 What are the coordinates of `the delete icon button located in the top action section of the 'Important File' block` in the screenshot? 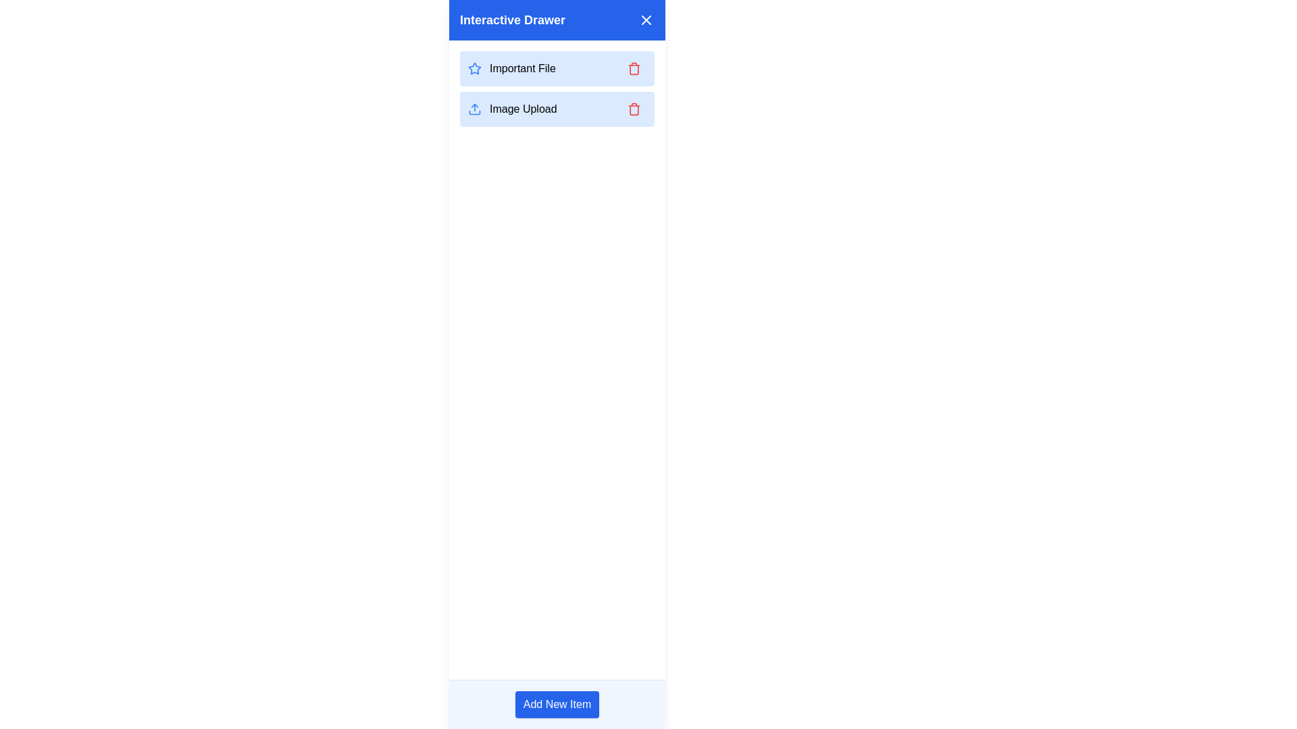 It's located at (634, 68).